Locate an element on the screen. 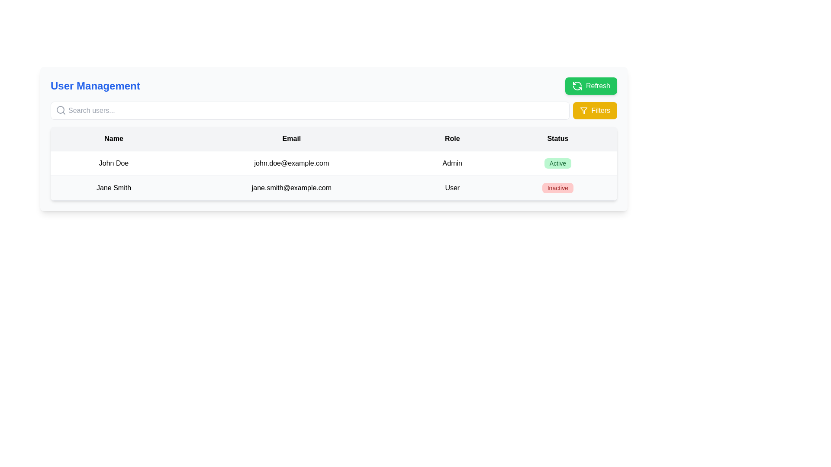 The width and height of the screenshot is (831, 467). the filter button located in the top-right corner of the interface, to the right of the search bar, which appears as the second button after the green 'Refresh' button is located at coordinates (595, 110).